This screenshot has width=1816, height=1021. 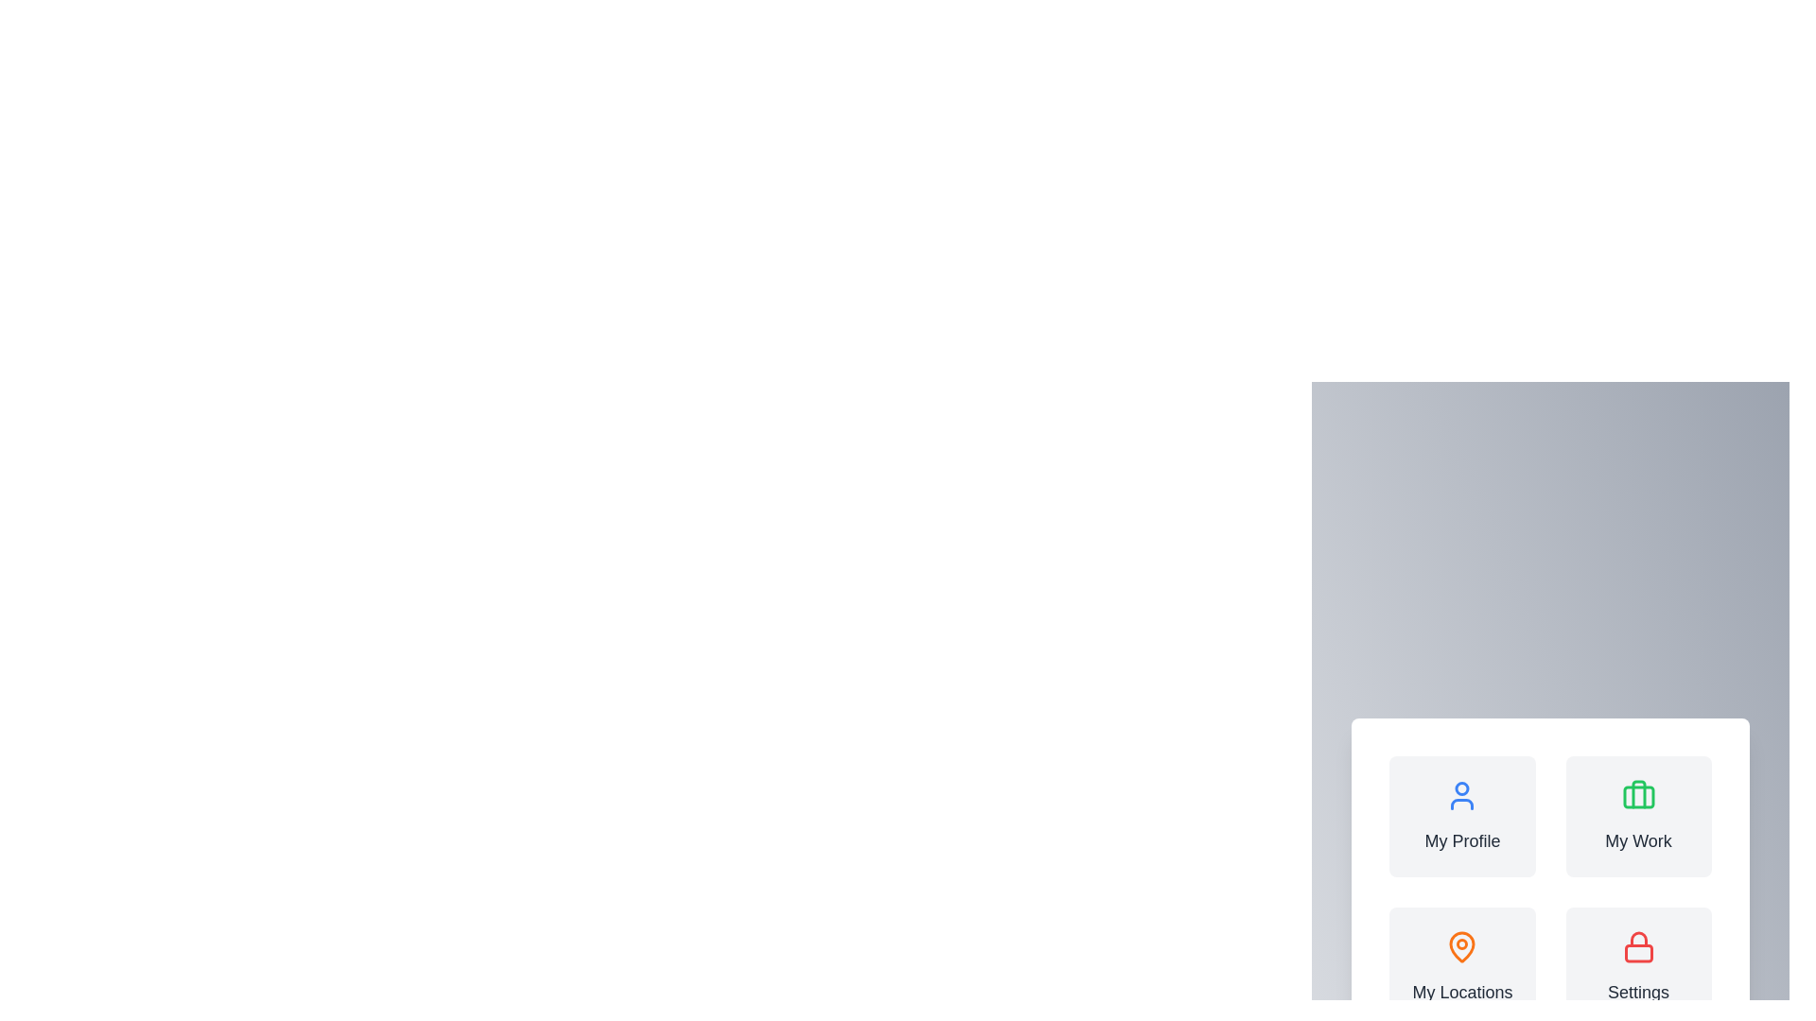 What do you see at coordinates (1461, 840) in the screenshot?
I see `the text label displaying 'My Profile', which is styled in gray and located below a user icon` at bounding box center [1461, 840].